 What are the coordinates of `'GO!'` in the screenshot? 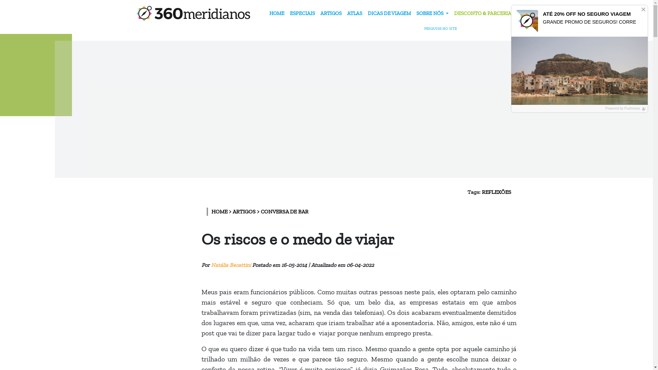 It's located at (458, 14).